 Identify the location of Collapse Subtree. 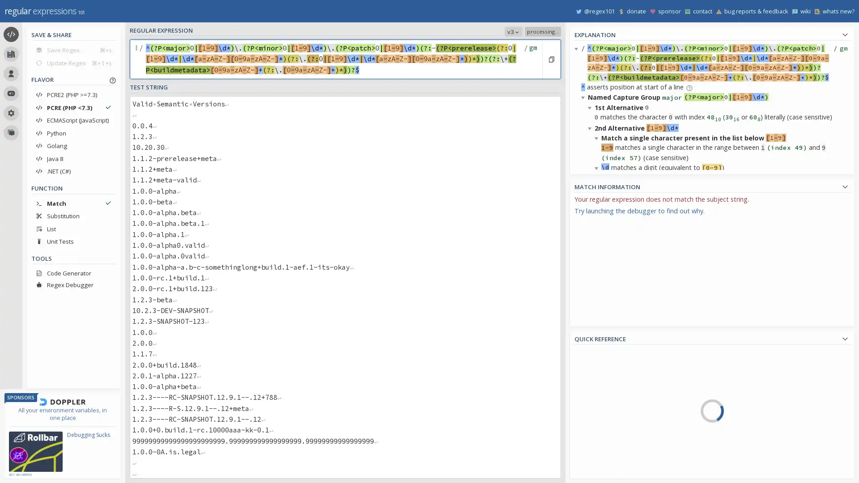
(584, 208).